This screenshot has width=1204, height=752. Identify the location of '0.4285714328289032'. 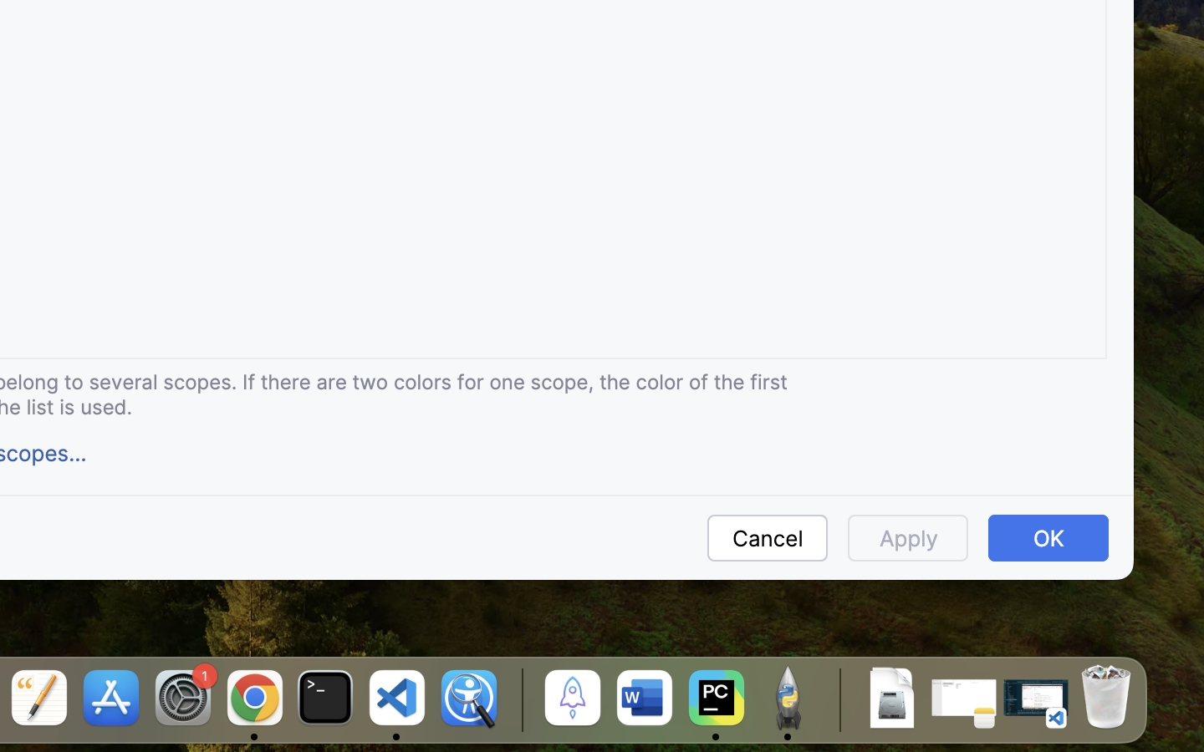
(518, 699).